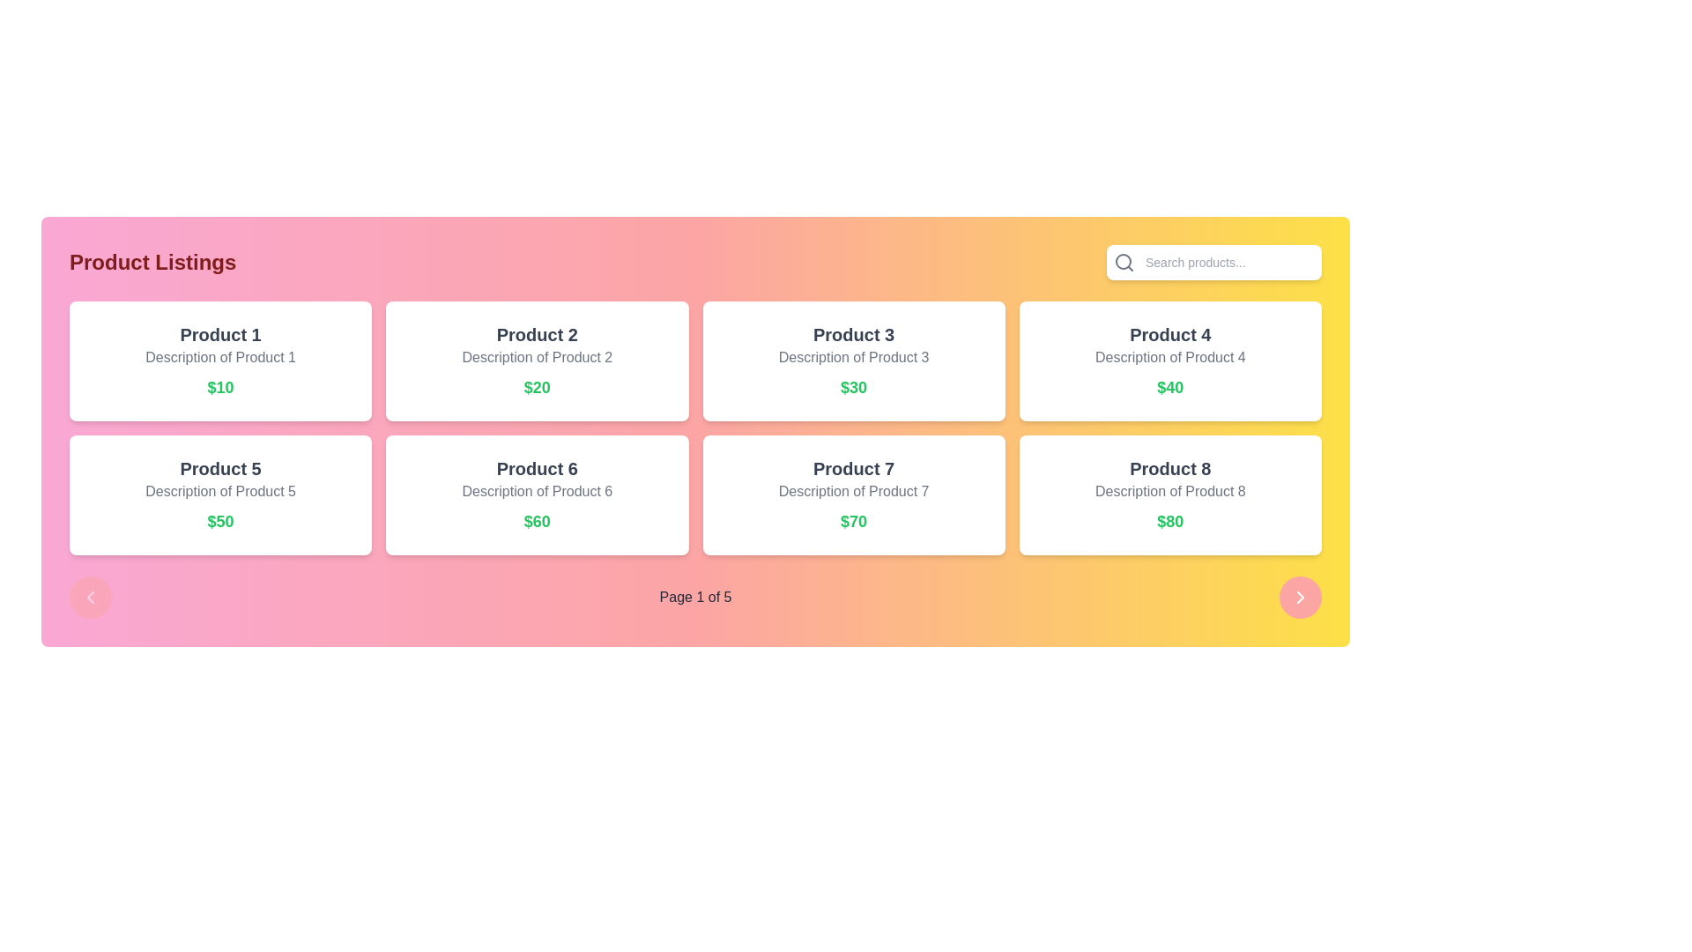 The width and height of the screenshot is (1692, 952). What do you see at coordinates (1300, 597) in the screenshot?
I see `the 'next' icon located inside the circular button in the bottom-right corner of the product listing interface` at bounding box center [1300, 597].